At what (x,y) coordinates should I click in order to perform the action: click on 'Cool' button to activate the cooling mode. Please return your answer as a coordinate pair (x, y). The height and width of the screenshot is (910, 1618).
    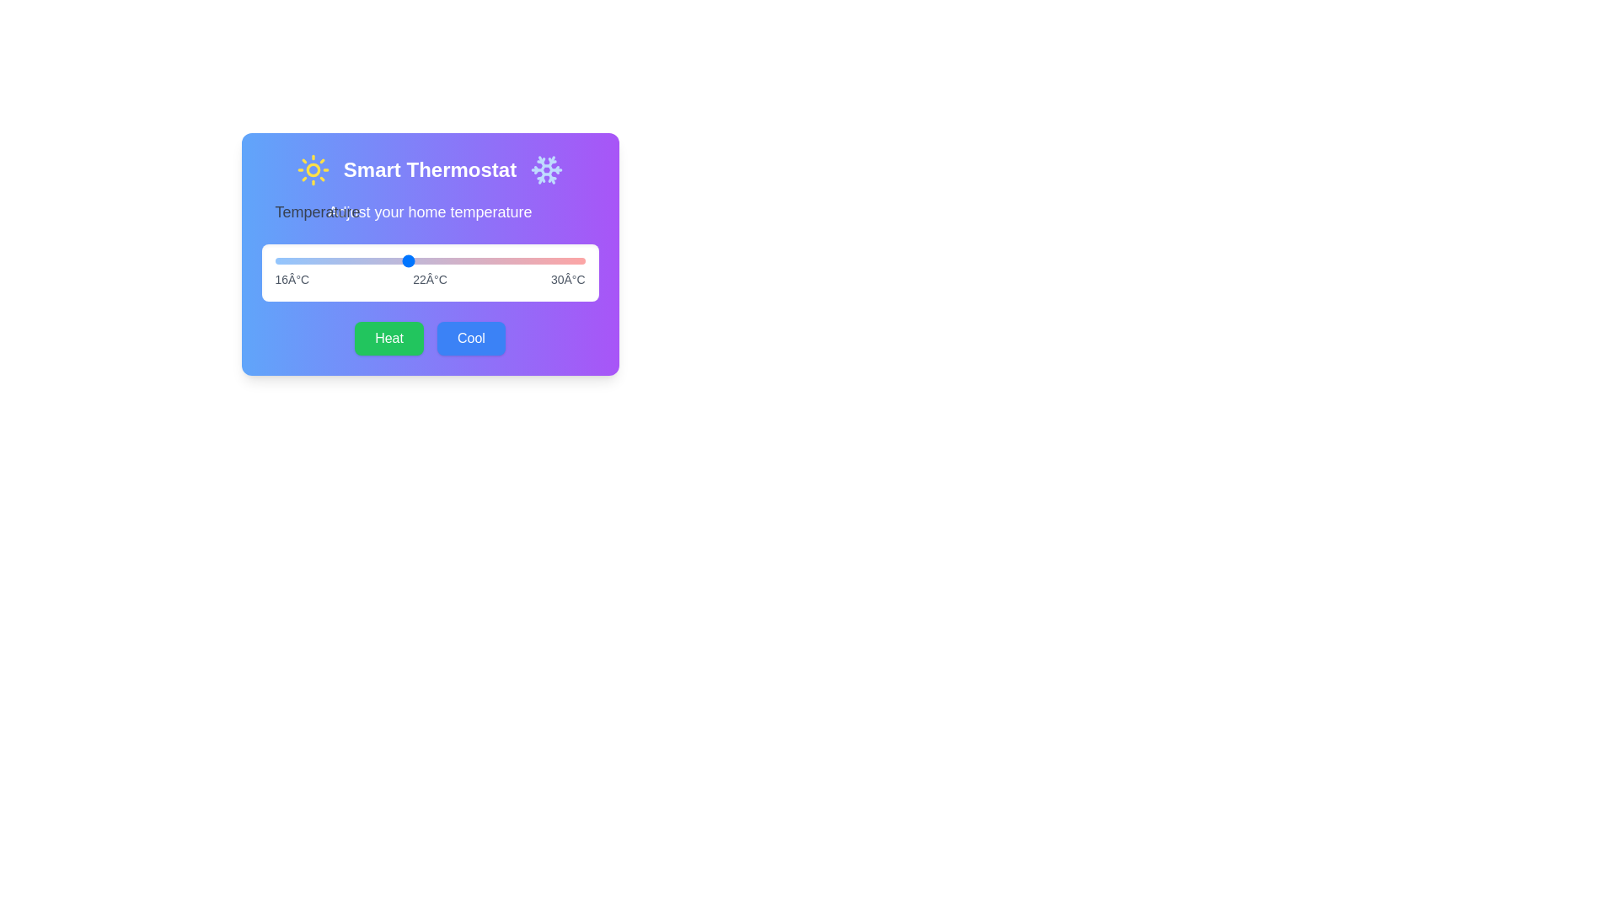
    Looking at the image, I should click on (471, 338).